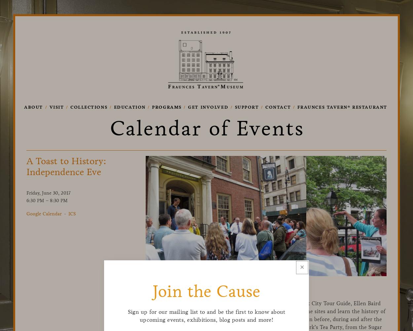 The height and width of the screenshot is (331, 413). I want to click on 'Visit', so click(56, 107).